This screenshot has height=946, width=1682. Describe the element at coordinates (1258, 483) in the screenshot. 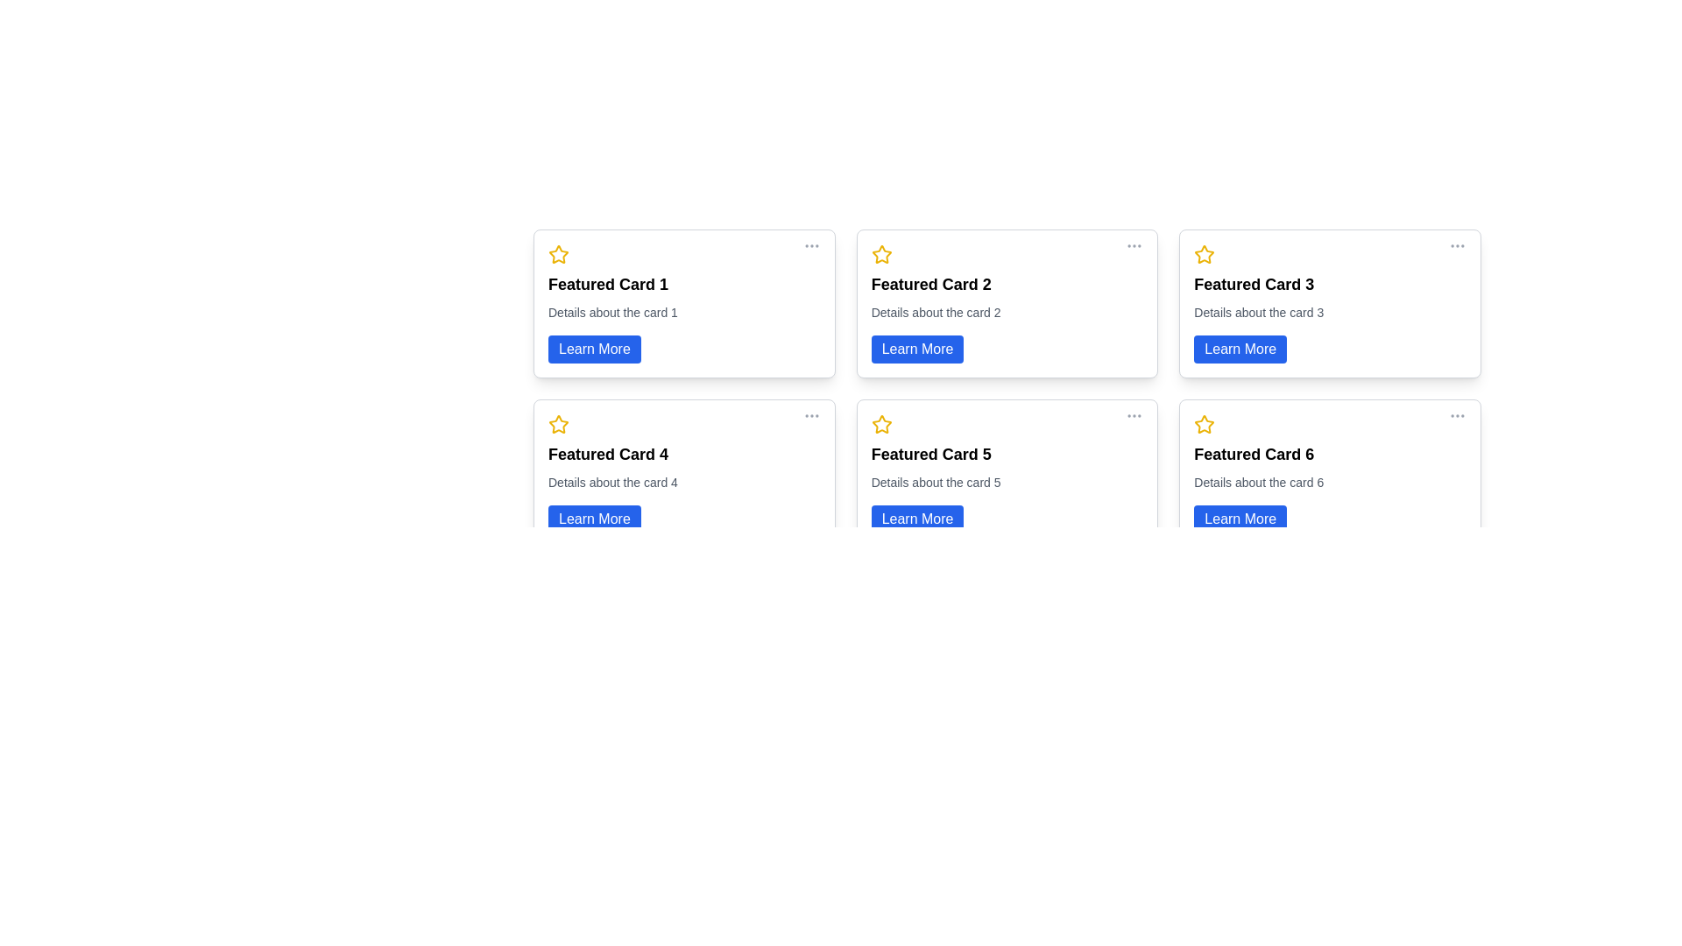

I see `displayed text in the Text block located within the 'Featured Card 6', positioned below the card title and above the 'Learn More' button` at that location.